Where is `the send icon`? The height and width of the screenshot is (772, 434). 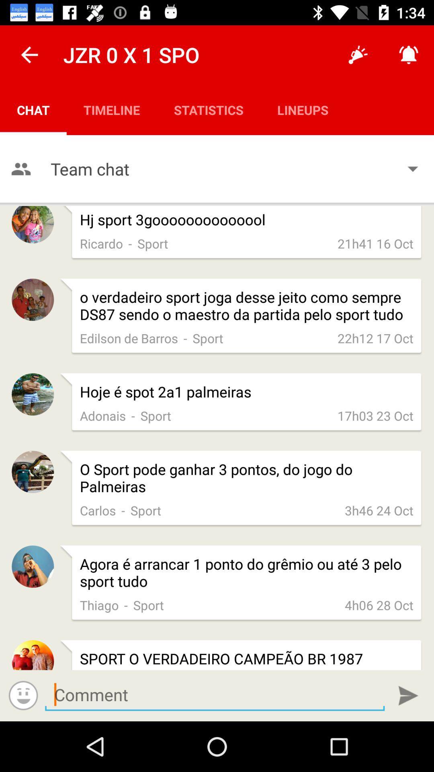 the send icon is located at coordinates (408, 695).